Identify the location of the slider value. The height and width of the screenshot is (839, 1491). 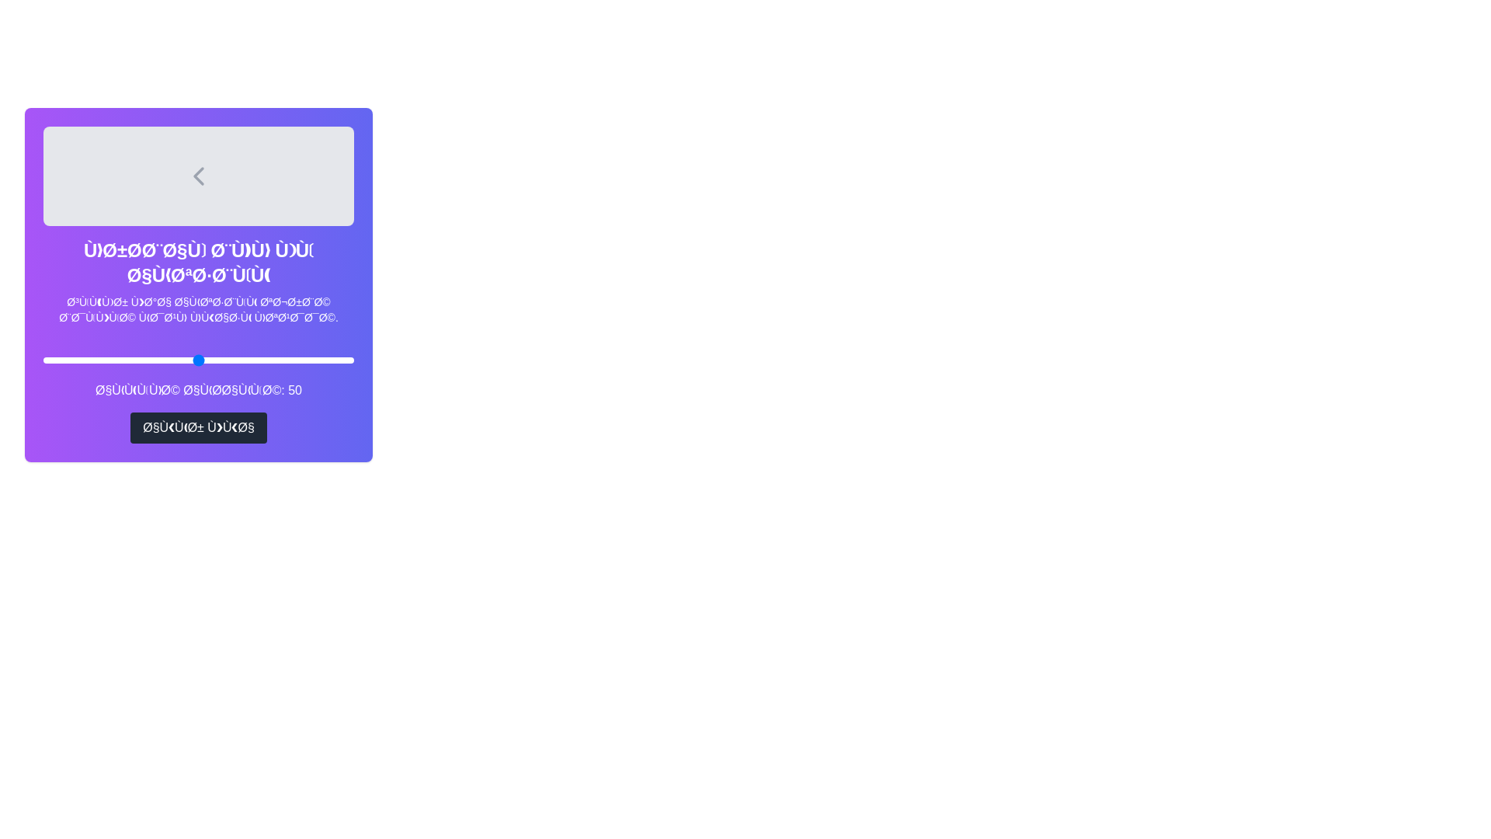
(245, 360).